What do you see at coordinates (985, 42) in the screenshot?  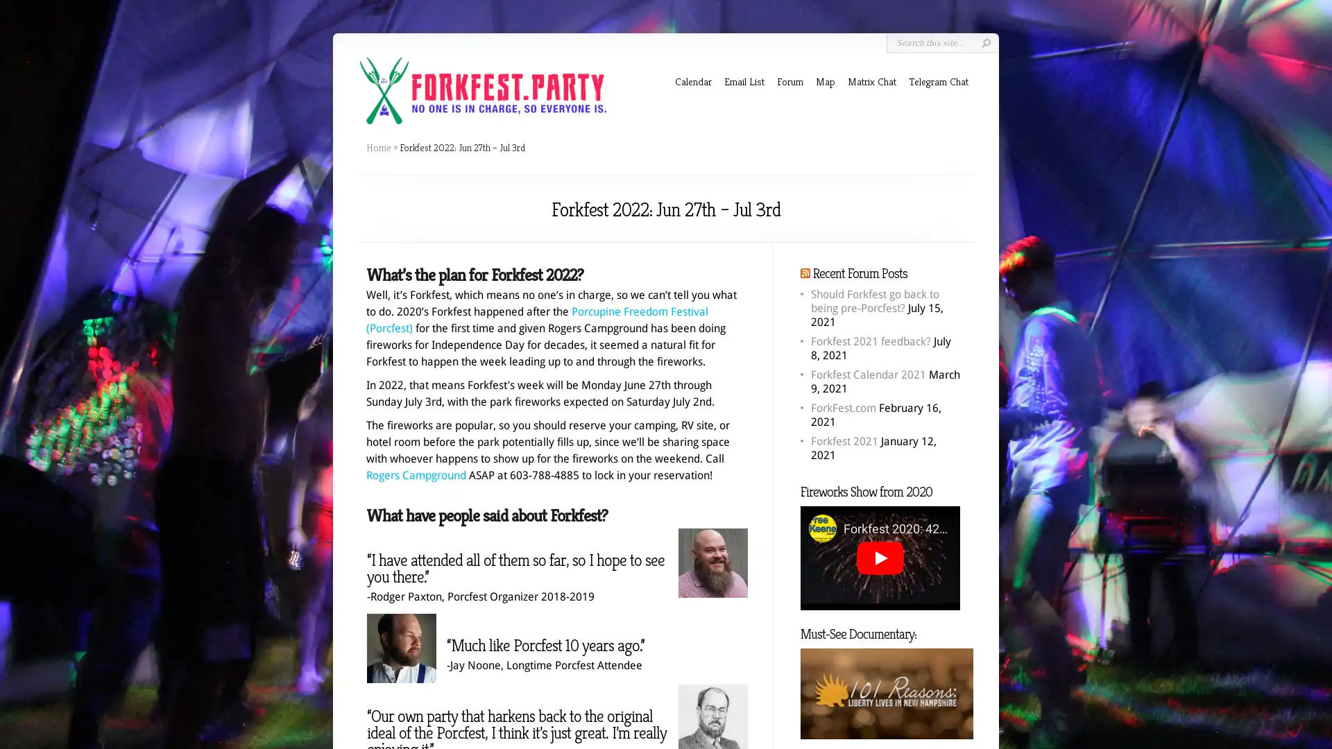 I see `Submit` at bounding box center [985, 42].